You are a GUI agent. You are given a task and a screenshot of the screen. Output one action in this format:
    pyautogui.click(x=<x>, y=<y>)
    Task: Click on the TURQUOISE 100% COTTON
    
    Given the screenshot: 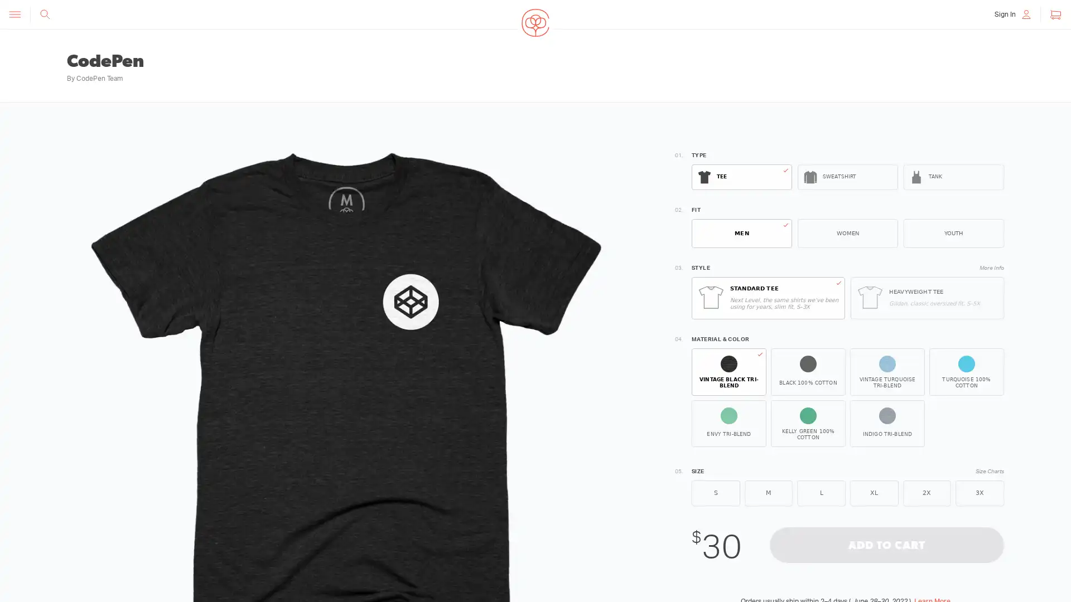 What is the action you would take?
    pyautogui.click(x=966, y=372)
    